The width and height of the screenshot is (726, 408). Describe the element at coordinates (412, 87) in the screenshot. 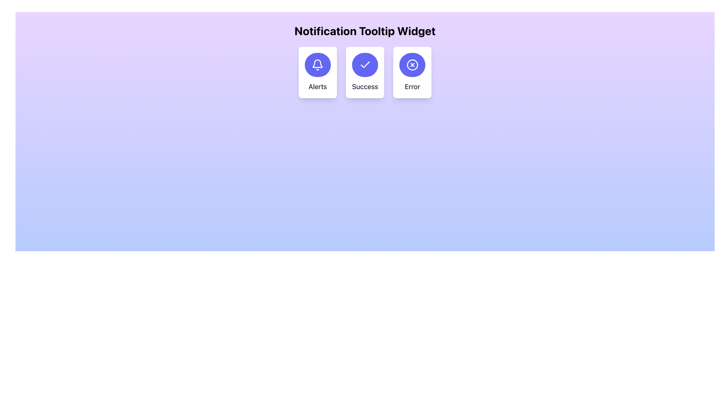

I see `the 'Error' text label, which is a medium-sized sans-serif font in dark gray, located at the bottom center of the rightmost card, directly below a circular 'X' icon` at that location.